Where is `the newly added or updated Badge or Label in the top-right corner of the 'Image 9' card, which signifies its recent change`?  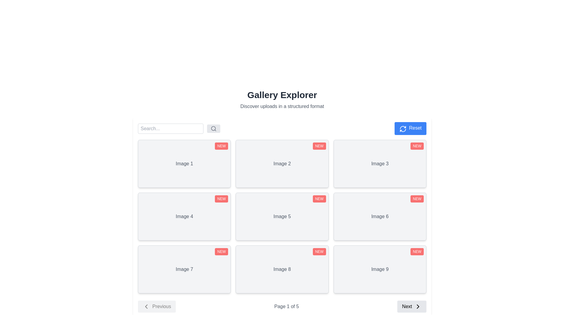
the newly added or updated Badge or Label in the top-right corner of the 'Image 9' card, which signifies its recent change is located at coordinates (417, 252).